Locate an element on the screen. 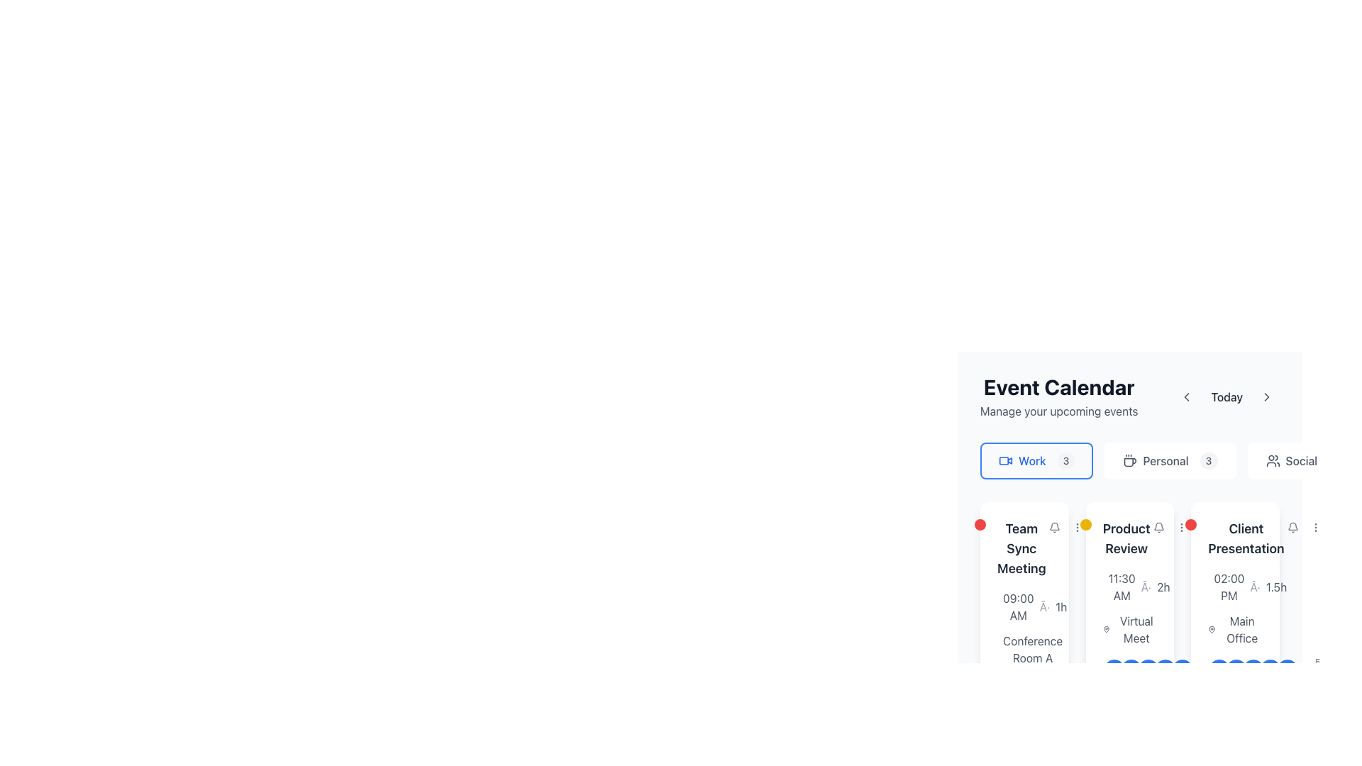 Image resolution: width=1362 pixels, height=766 pixels. the progress indicator composed of five circular elements located at the bottom section of the 'Client Presentation' card is located at coordinates (1253, 670).